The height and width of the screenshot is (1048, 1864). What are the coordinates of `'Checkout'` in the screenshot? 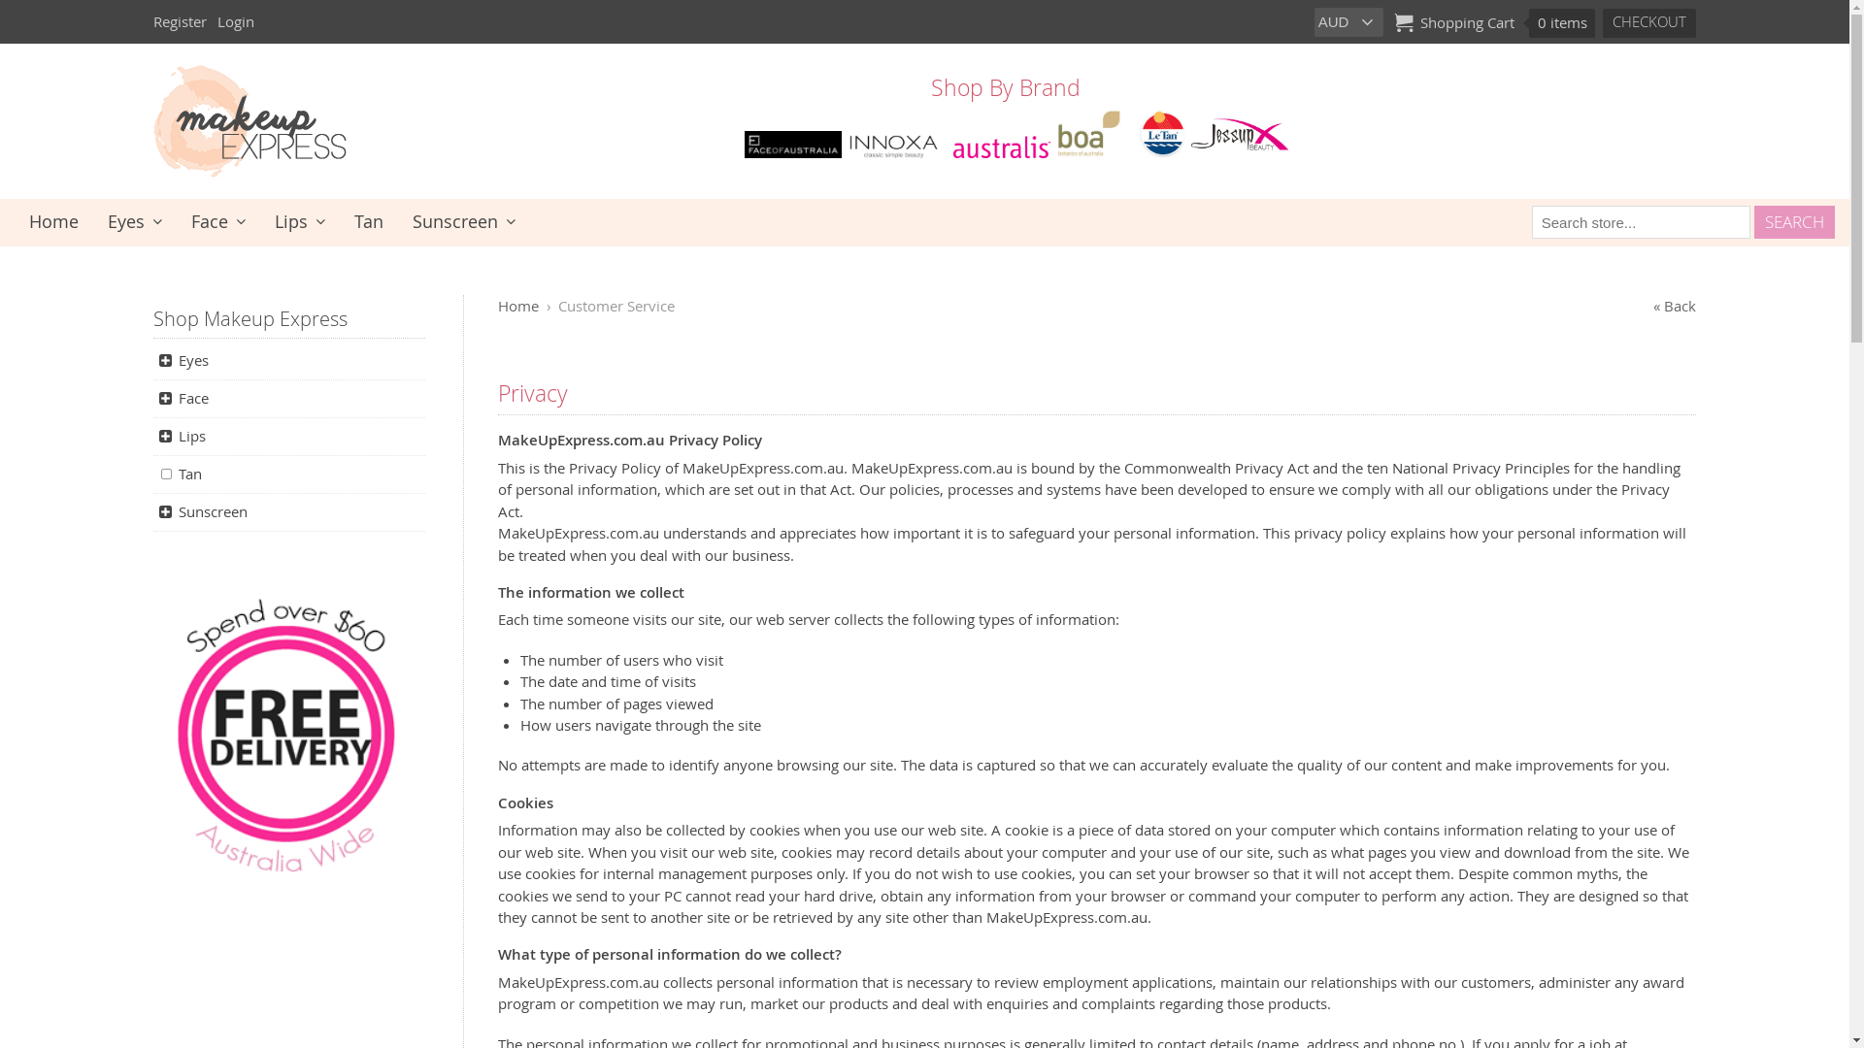 It's located at (1648, 22).